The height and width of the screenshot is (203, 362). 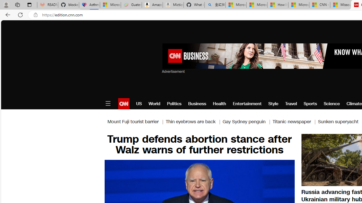 I want to click on 'Travel', so click(x=291, y=103).